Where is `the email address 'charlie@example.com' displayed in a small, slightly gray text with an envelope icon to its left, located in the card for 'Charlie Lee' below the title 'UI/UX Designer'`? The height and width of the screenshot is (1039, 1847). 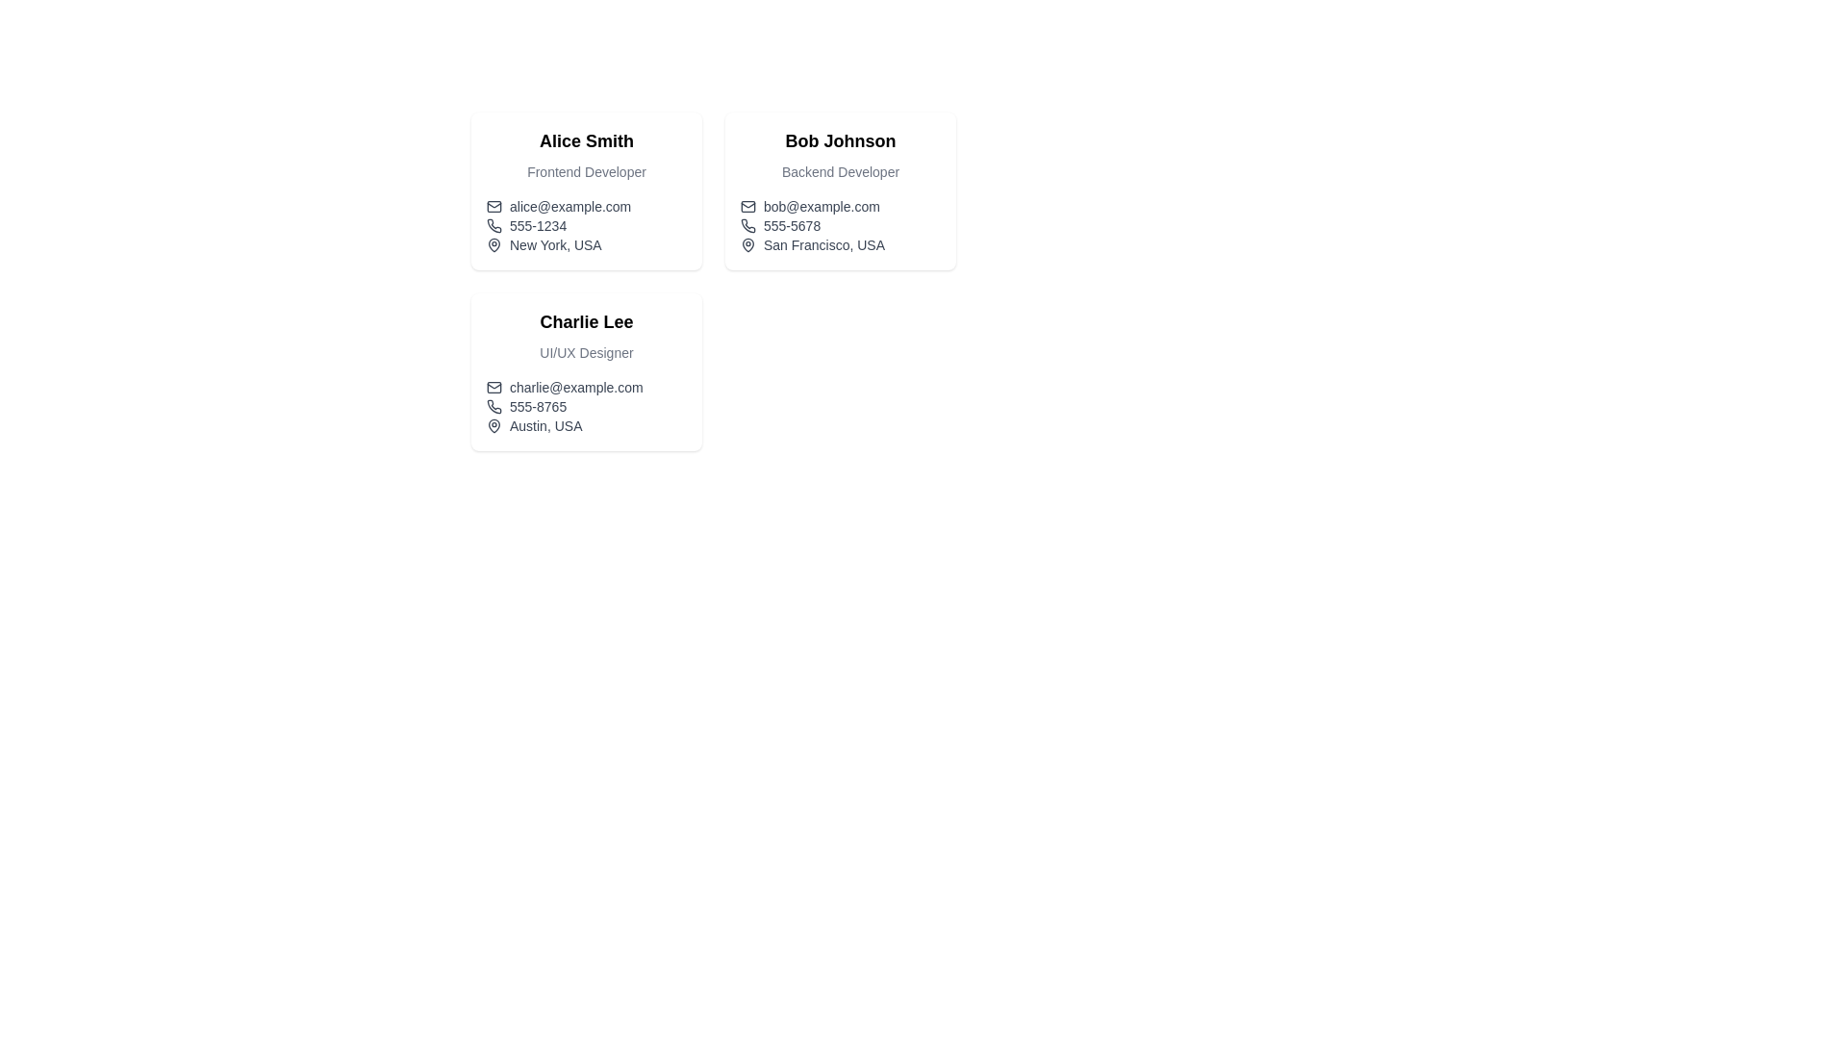
the email address 'charlie@example.com' displayed in a small, slightly gray text with an envelope icon to its left, located in the card for 'Charlie Lee' below the title 'UI/UX Designer' is located at coordinates (585, 387).